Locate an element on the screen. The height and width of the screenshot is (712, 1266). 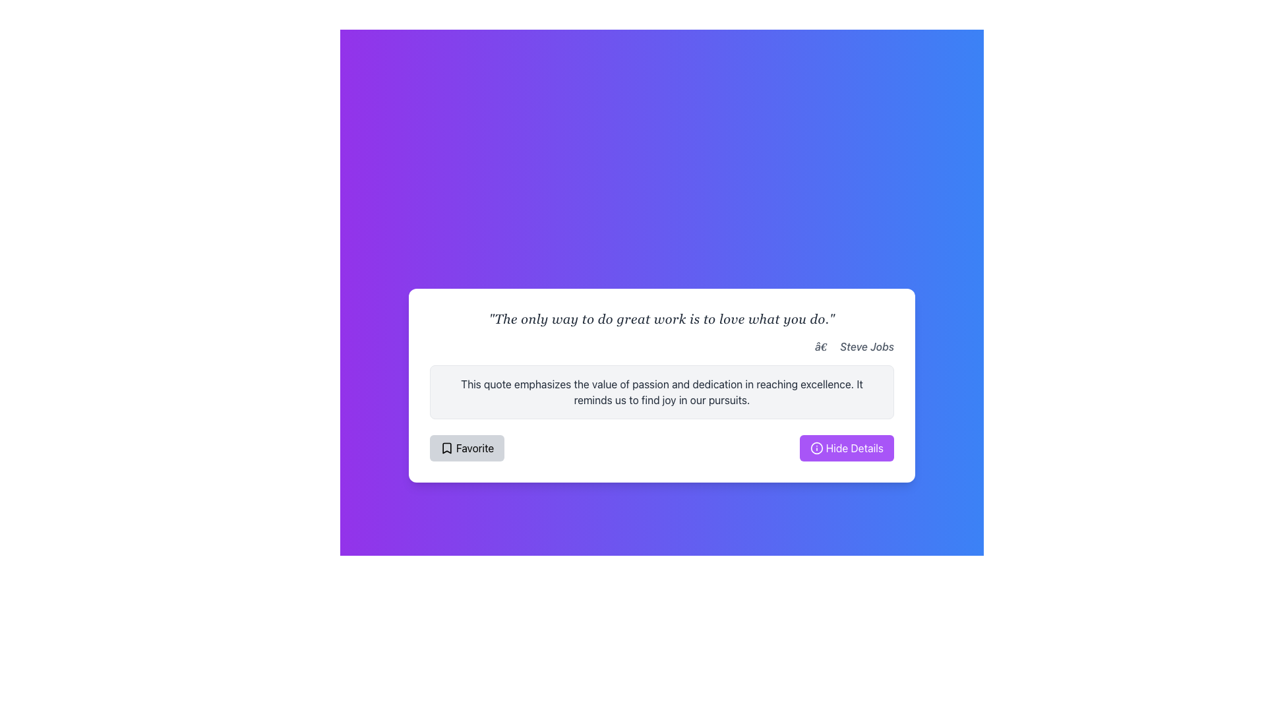
the Static Text Box that provides an explanation for the quote attributed to Steve Jobs, located below the quote and above the buttons is located at coordinates (661, 391).